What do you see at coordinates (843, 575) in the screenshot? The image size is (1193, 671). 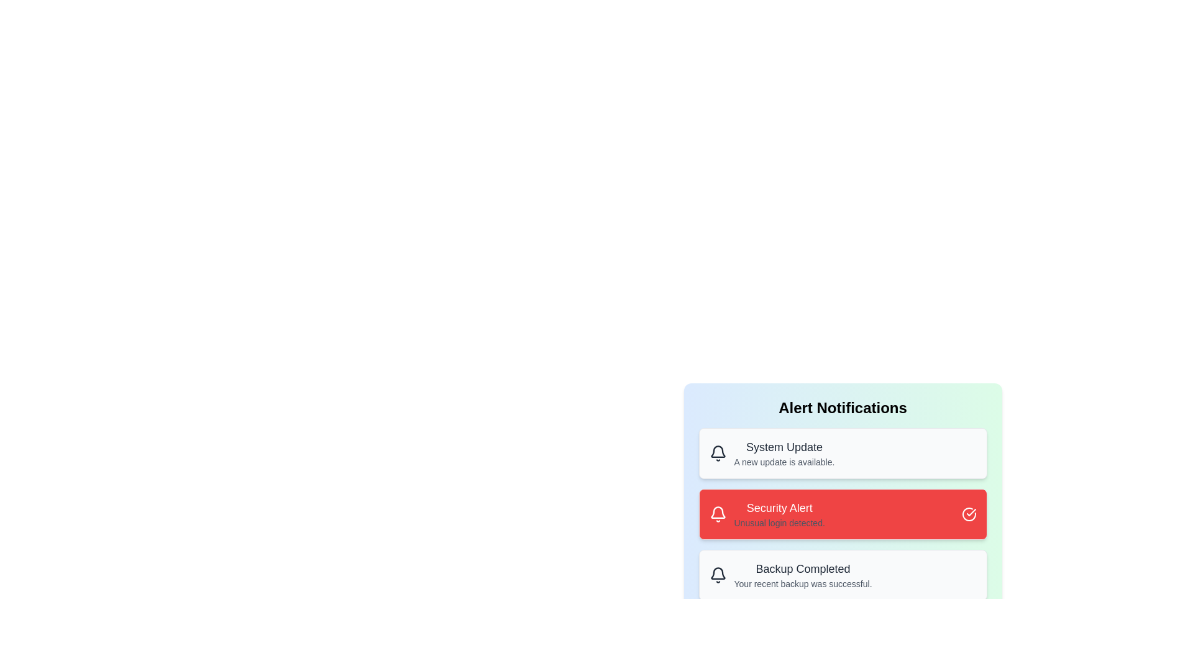 I see `the alert with title 'Backup Completed'` at bounding box center [843, 575].